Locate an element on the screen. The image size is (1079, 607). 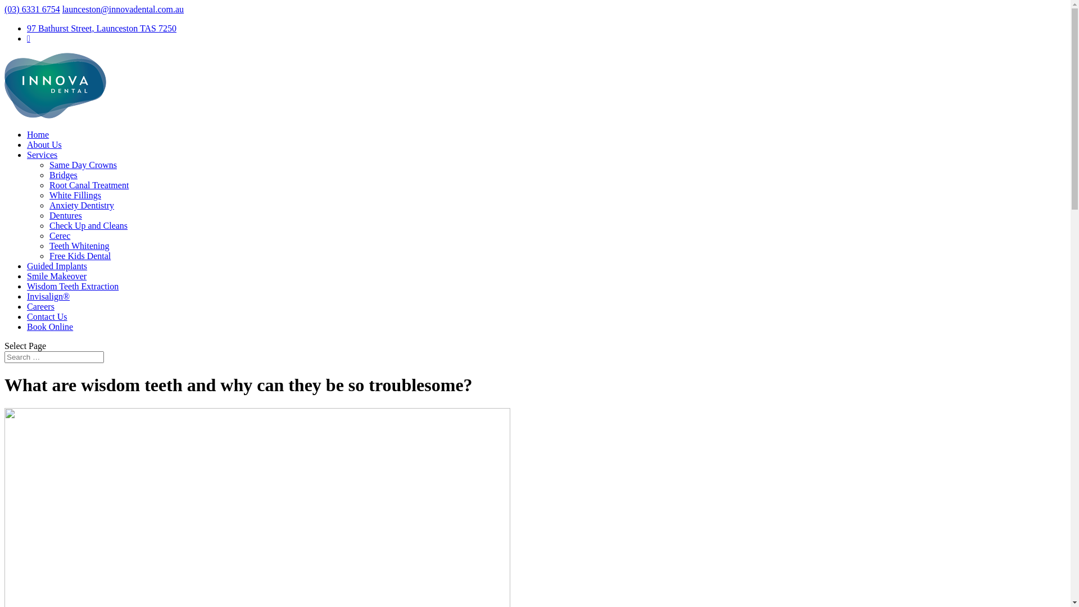
'Guided Implants' is located at coordinates (56, 266).